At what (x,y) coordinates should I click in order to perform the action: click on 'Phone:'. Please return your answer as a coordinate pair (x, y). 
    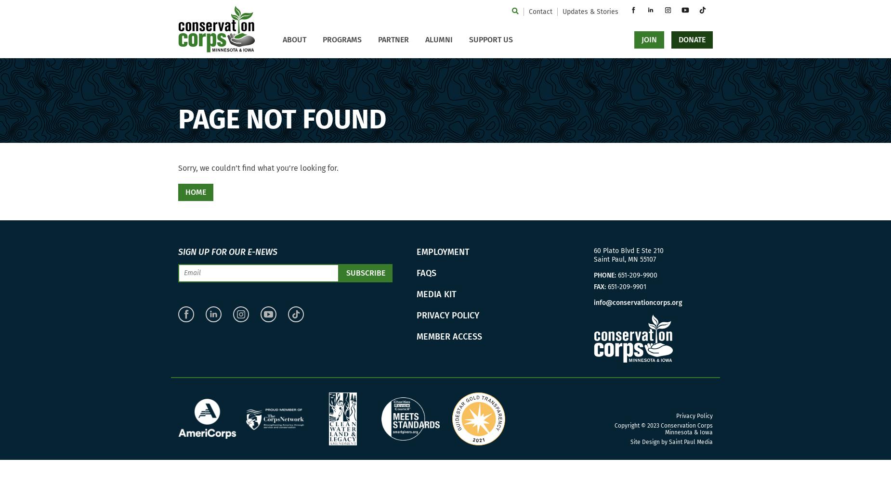
    Looking at the image, I should click on (604, 275).